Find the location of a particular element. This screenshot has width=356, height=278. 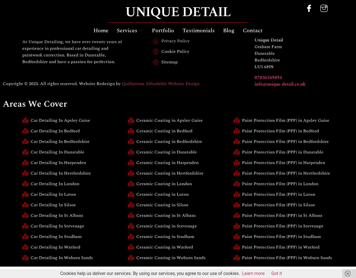

'Sitemap' is located at coordinates (169, 62).